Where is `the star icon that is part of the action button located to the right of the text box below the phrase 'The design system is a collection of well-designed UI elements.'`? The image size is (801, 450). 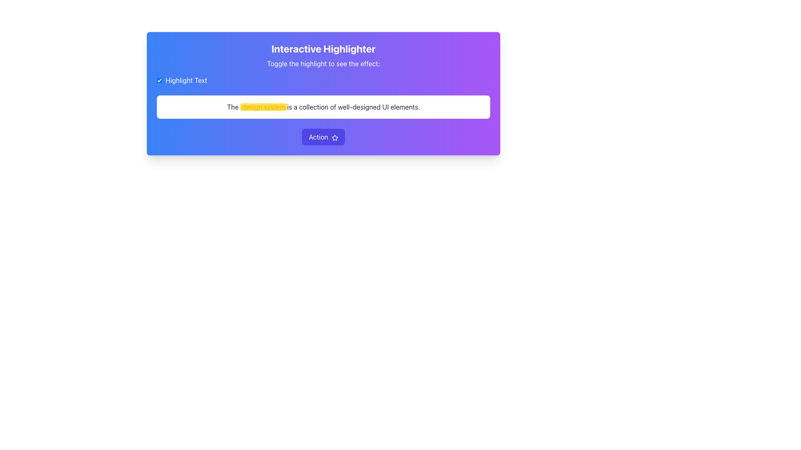 the star icon that is part of the action button located to the right of the text box below the phrase 'The design system is a collection of well-designed UI elements.' is located at coordinates (335, 137).